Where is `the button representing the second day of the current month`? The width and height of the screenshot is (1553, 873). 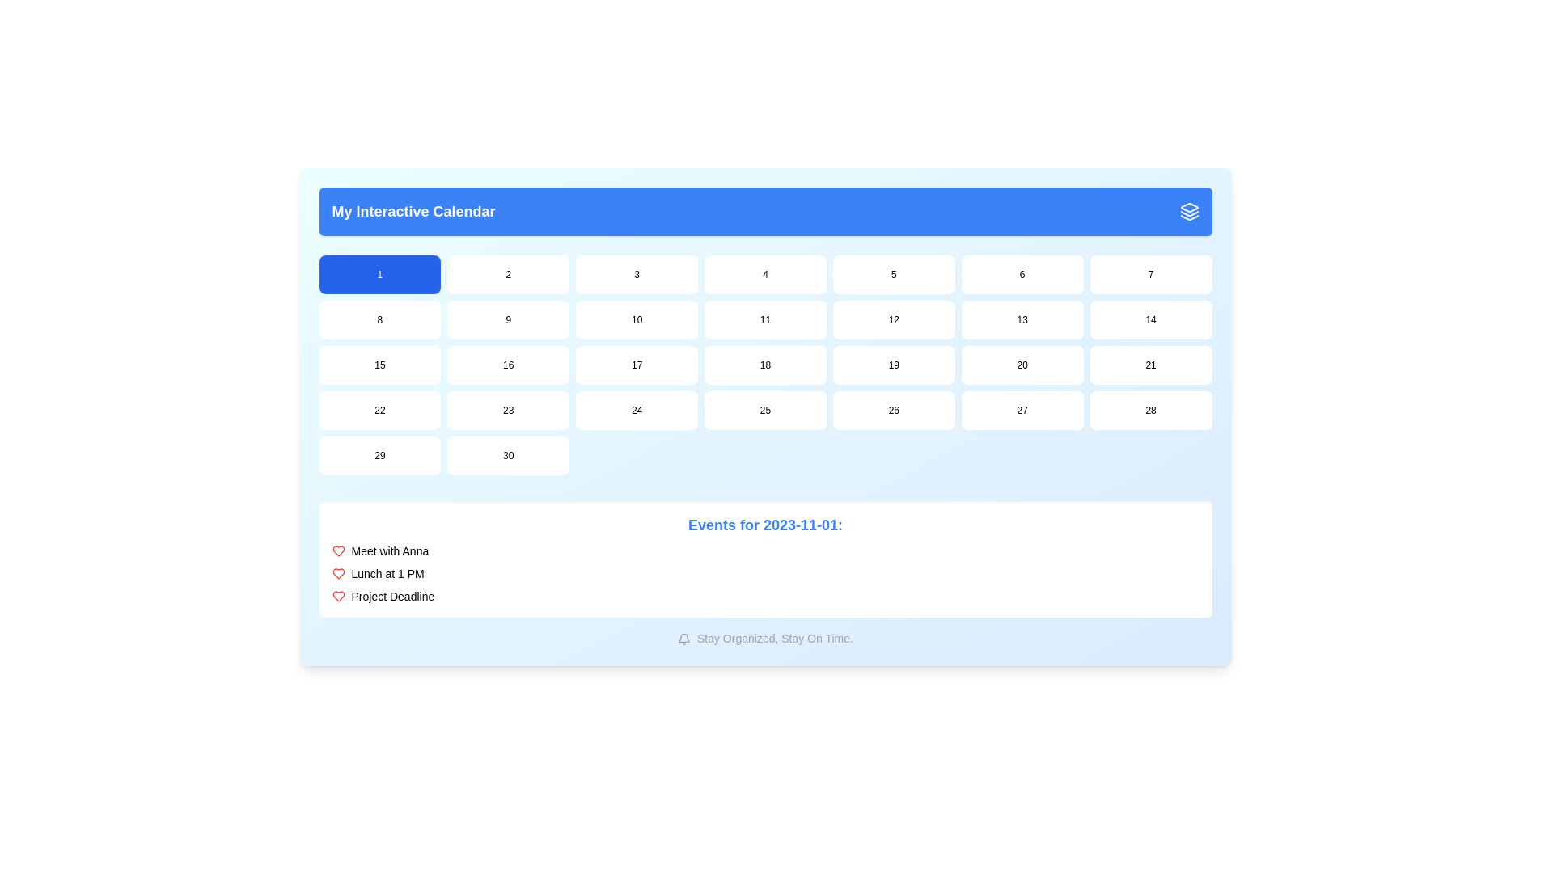 the button representing the second day of the current month is located at coordinates (507, 273).